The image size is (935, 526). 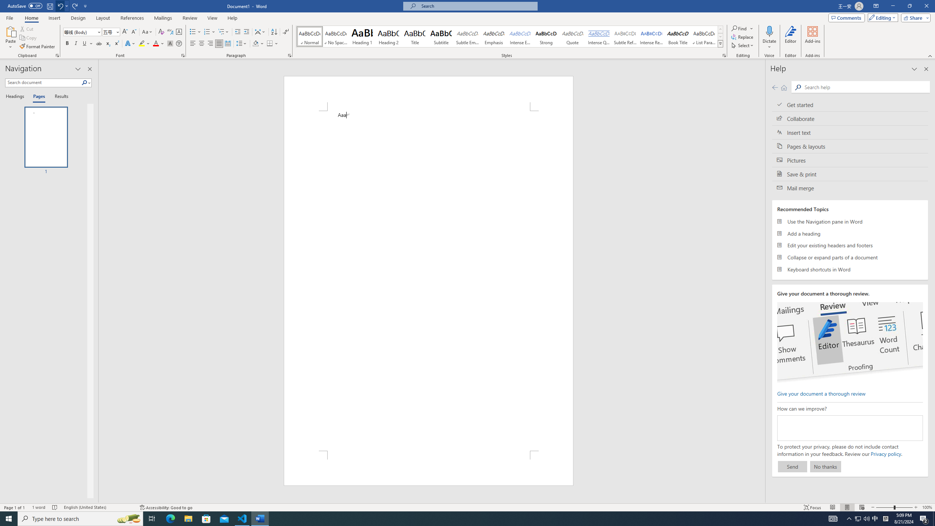 I want to click on 'Mode', so click(x=881, y=17).